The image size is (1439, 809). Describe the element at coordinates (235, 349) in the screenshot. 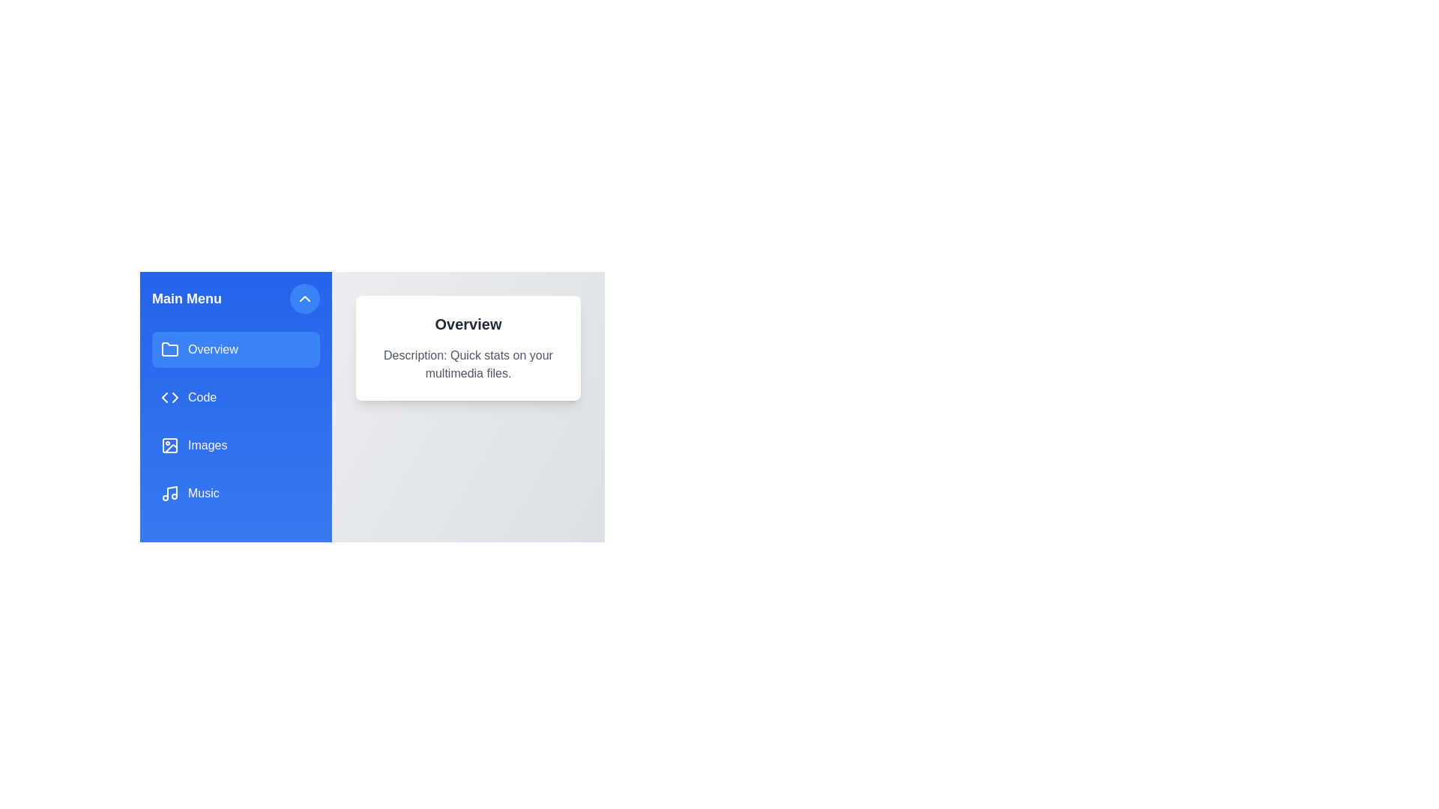

I see `the 'Overview' button located at the top of the sidebar menu` at that location.